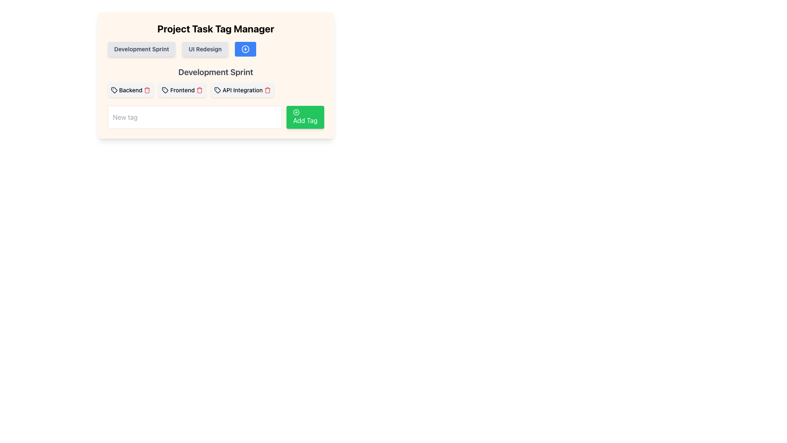 Image resolution: width=787 pixels, height=443 pixels. I want to click on the text label displaying 'API Integration' with a light gray background and rounded corners, positioned centrally in the row of tags under 'Development Sprint', so click(242, 90).